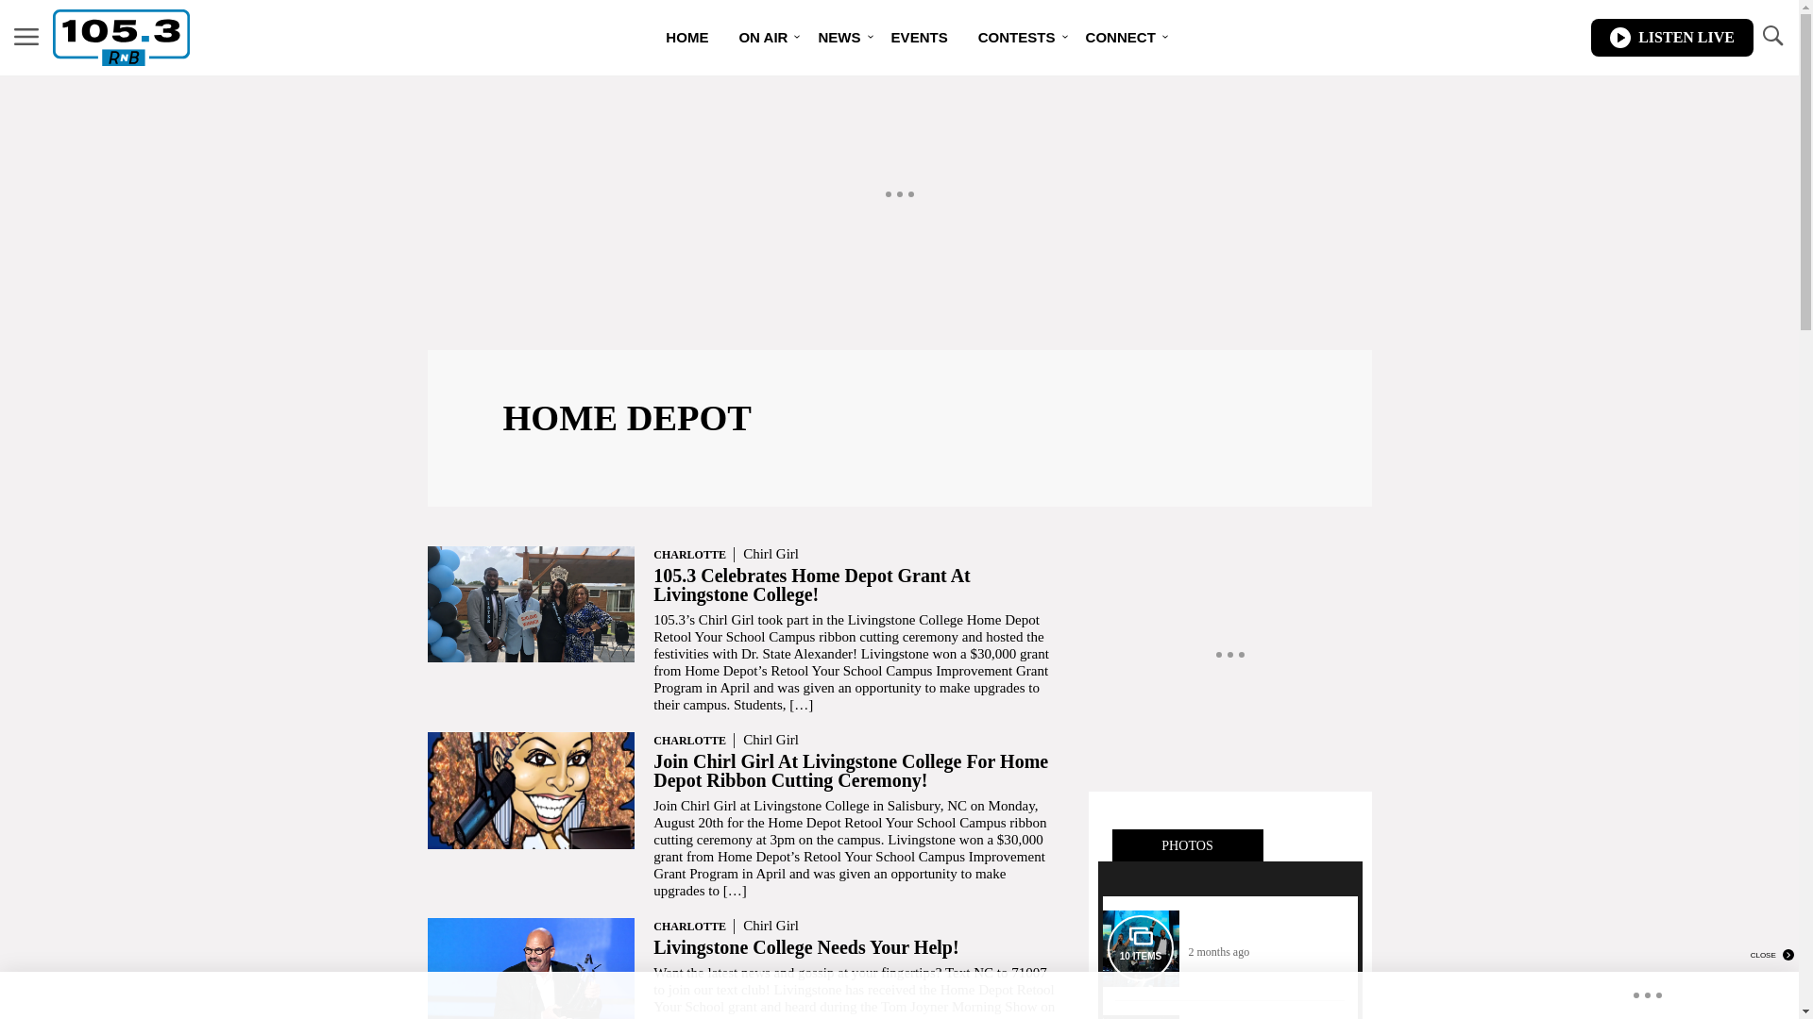 The width and height of the screenshot is (1813, 1019). What do you see at coordinates (1070, 37) in the screenshot?
I see `'CONNECT'` at bounding box center [1070, 37].